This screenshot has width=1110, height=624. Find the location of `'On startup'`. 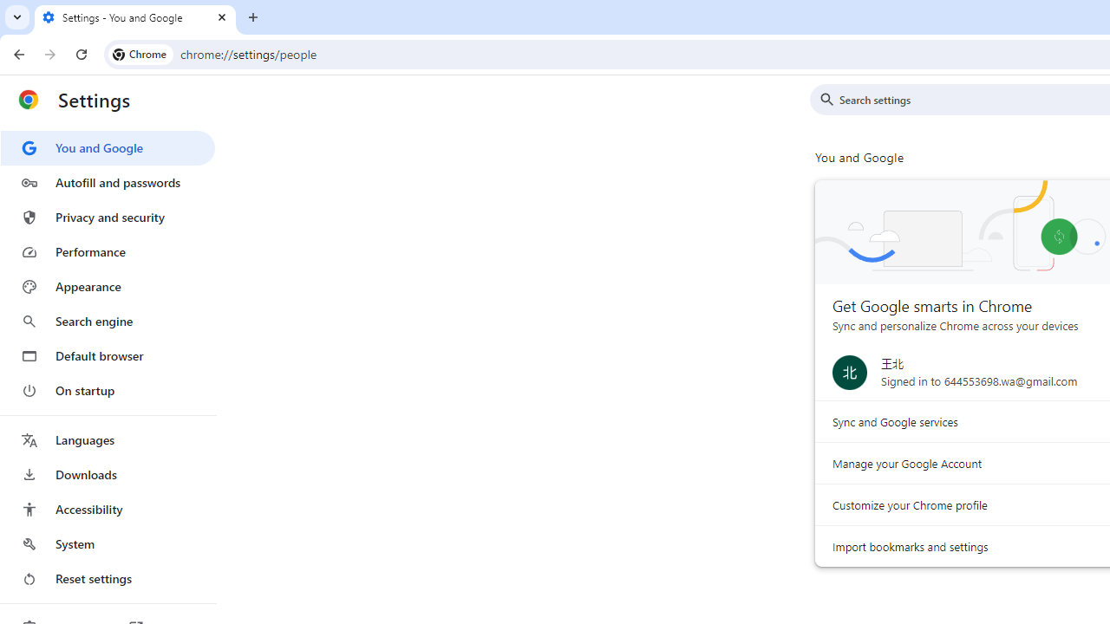

'On startup' is located at coordinates (107, 391).